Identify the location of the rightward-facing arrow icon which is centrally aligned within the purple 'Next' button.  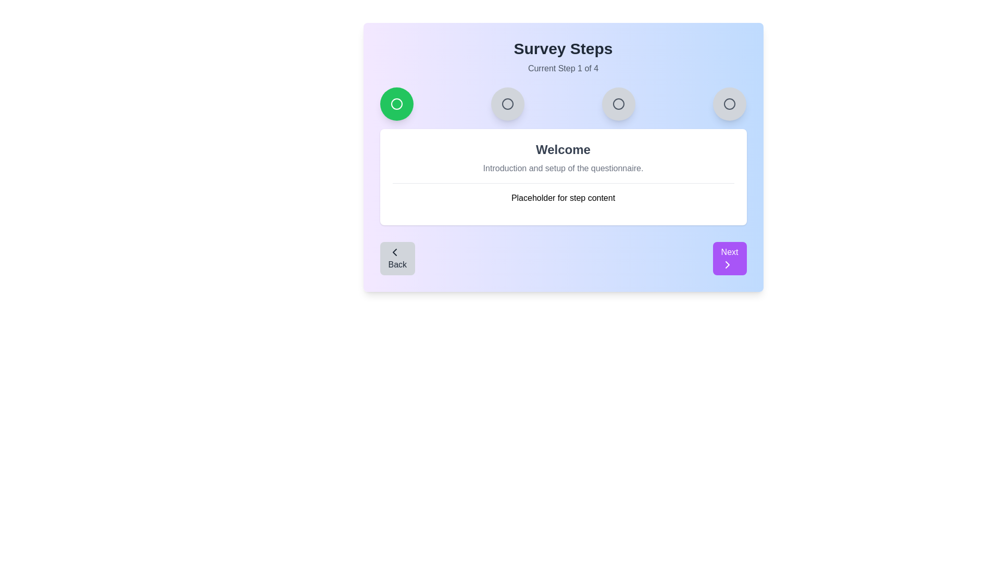
(727, 264).